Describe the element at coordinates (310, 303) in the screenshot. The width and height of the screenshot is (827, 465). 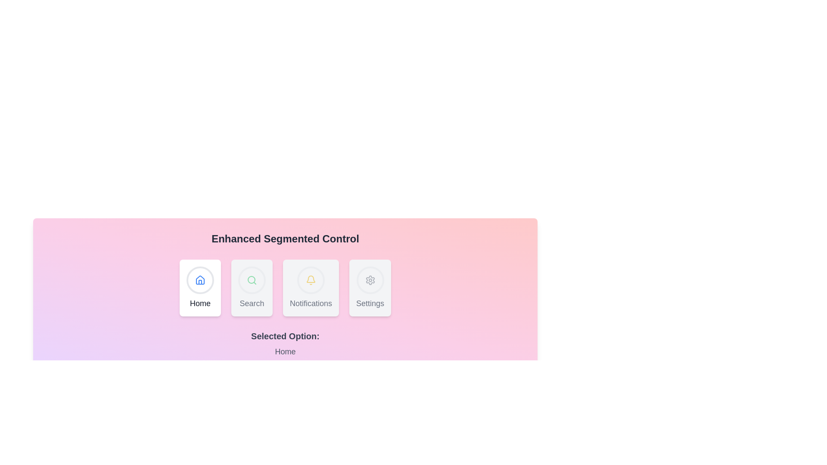
I see `the 'Notifications' text label, which is styled with medium-sized gray text and located centrally below a gray bell icon within a light circular background` at that location.